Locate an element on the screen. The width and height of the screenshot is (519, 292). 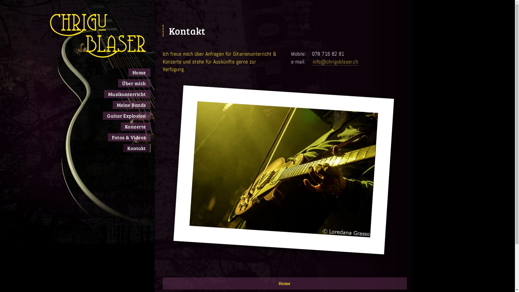
'Home' is located at coordinates (139, 72).